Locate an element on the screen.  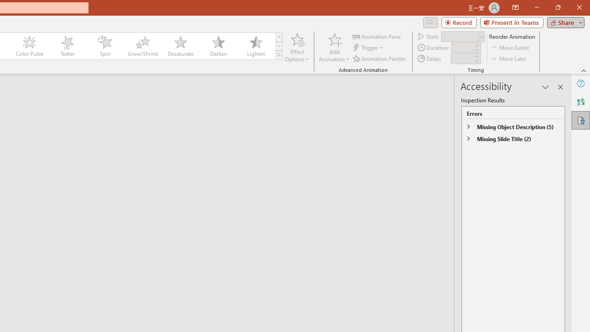
'Animation Delay' is located at coordinates (462, 59).